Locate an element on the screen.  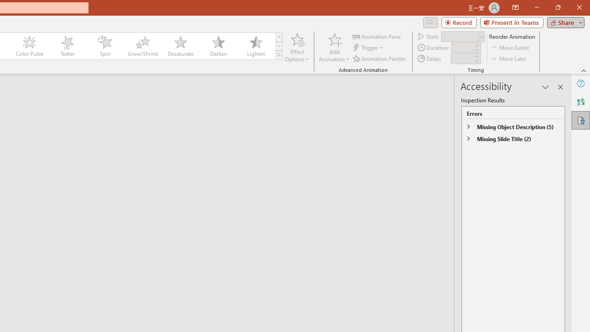
'Animation Delay' is located at coordinates (462, 59).